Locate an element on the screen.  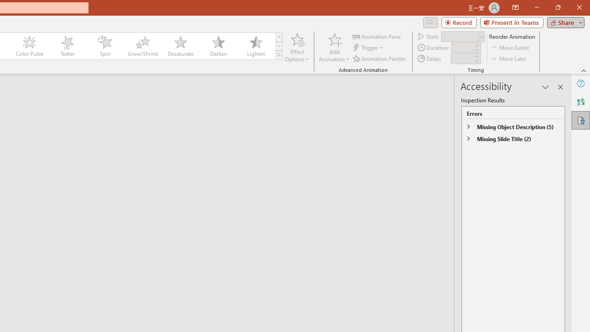
'Animation Delay' is located at coordinates (462, 59).